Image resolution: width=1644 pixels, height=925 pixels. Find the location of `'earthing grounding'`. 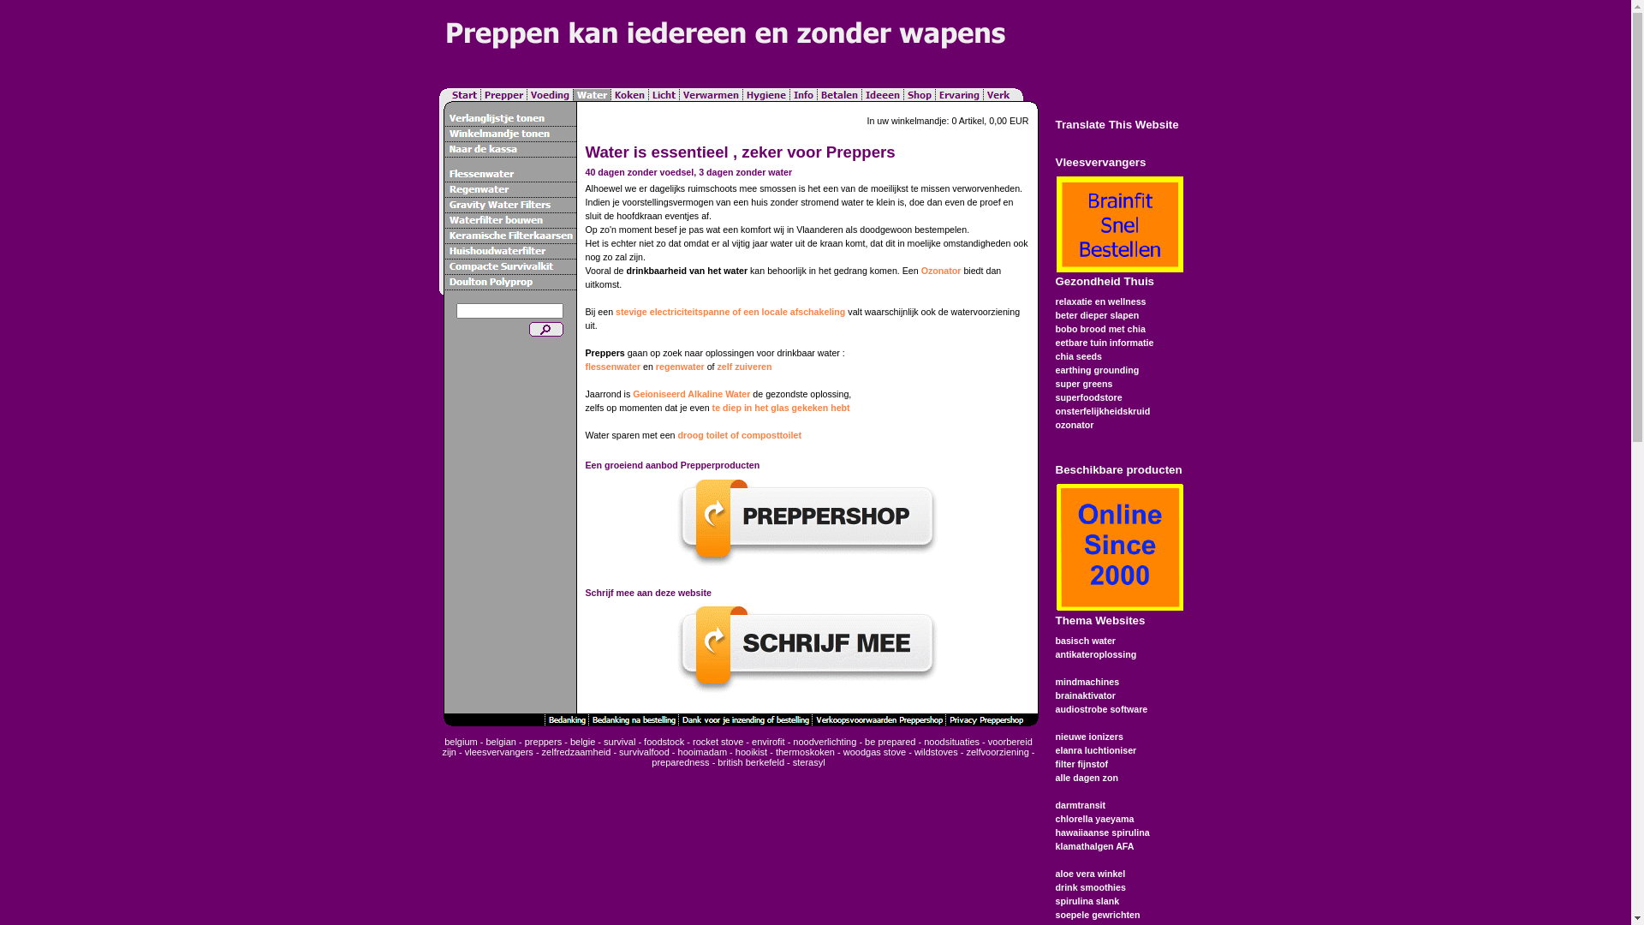

'earthing grounding' is located at coordinates (1097, 369).